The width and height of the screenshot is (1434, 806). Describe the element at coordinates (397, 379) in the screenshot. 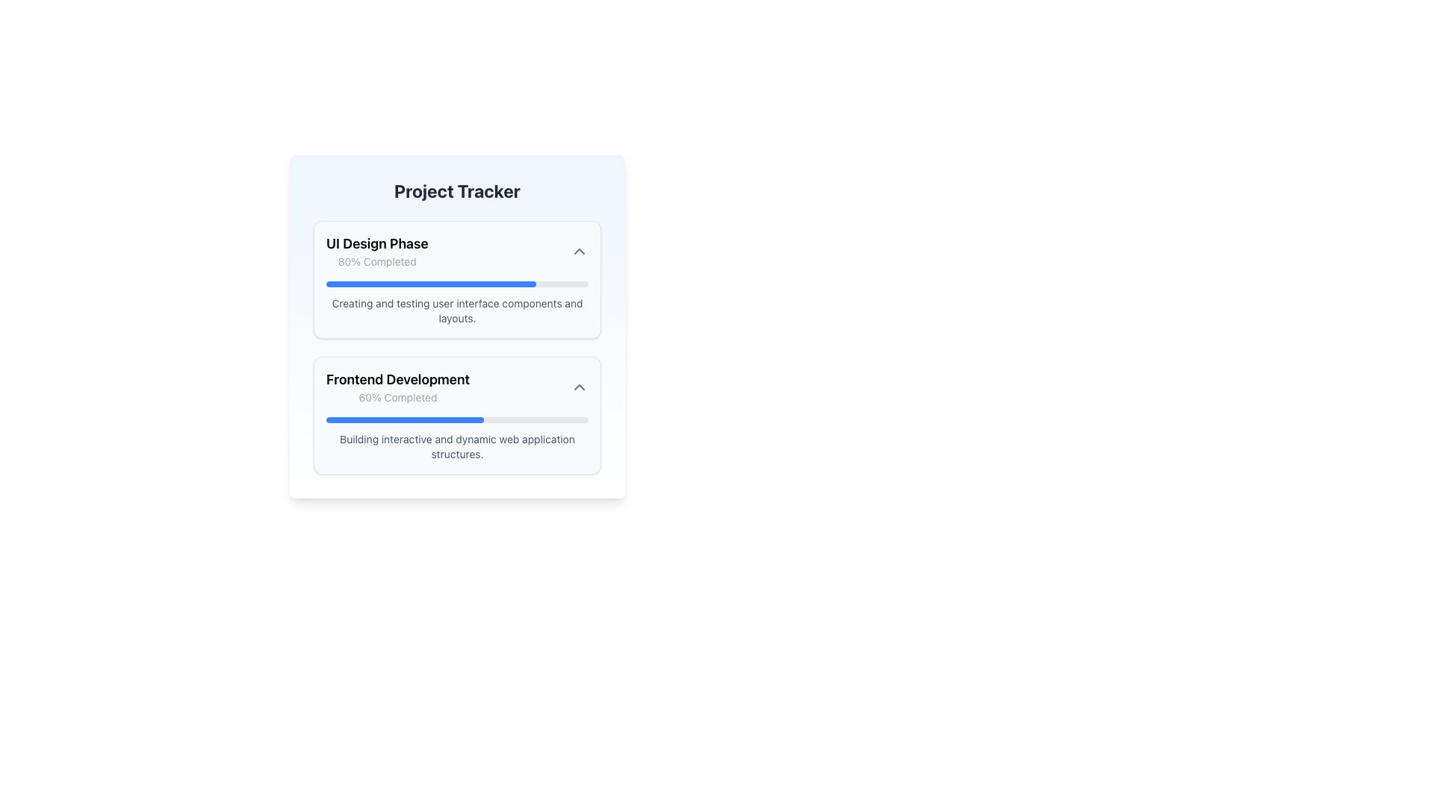

I see `the 'Frontend Development' text label located in the second block under the main header 'Project Tracker', which serves as a title or label for the content above the percentage completion` at that location.